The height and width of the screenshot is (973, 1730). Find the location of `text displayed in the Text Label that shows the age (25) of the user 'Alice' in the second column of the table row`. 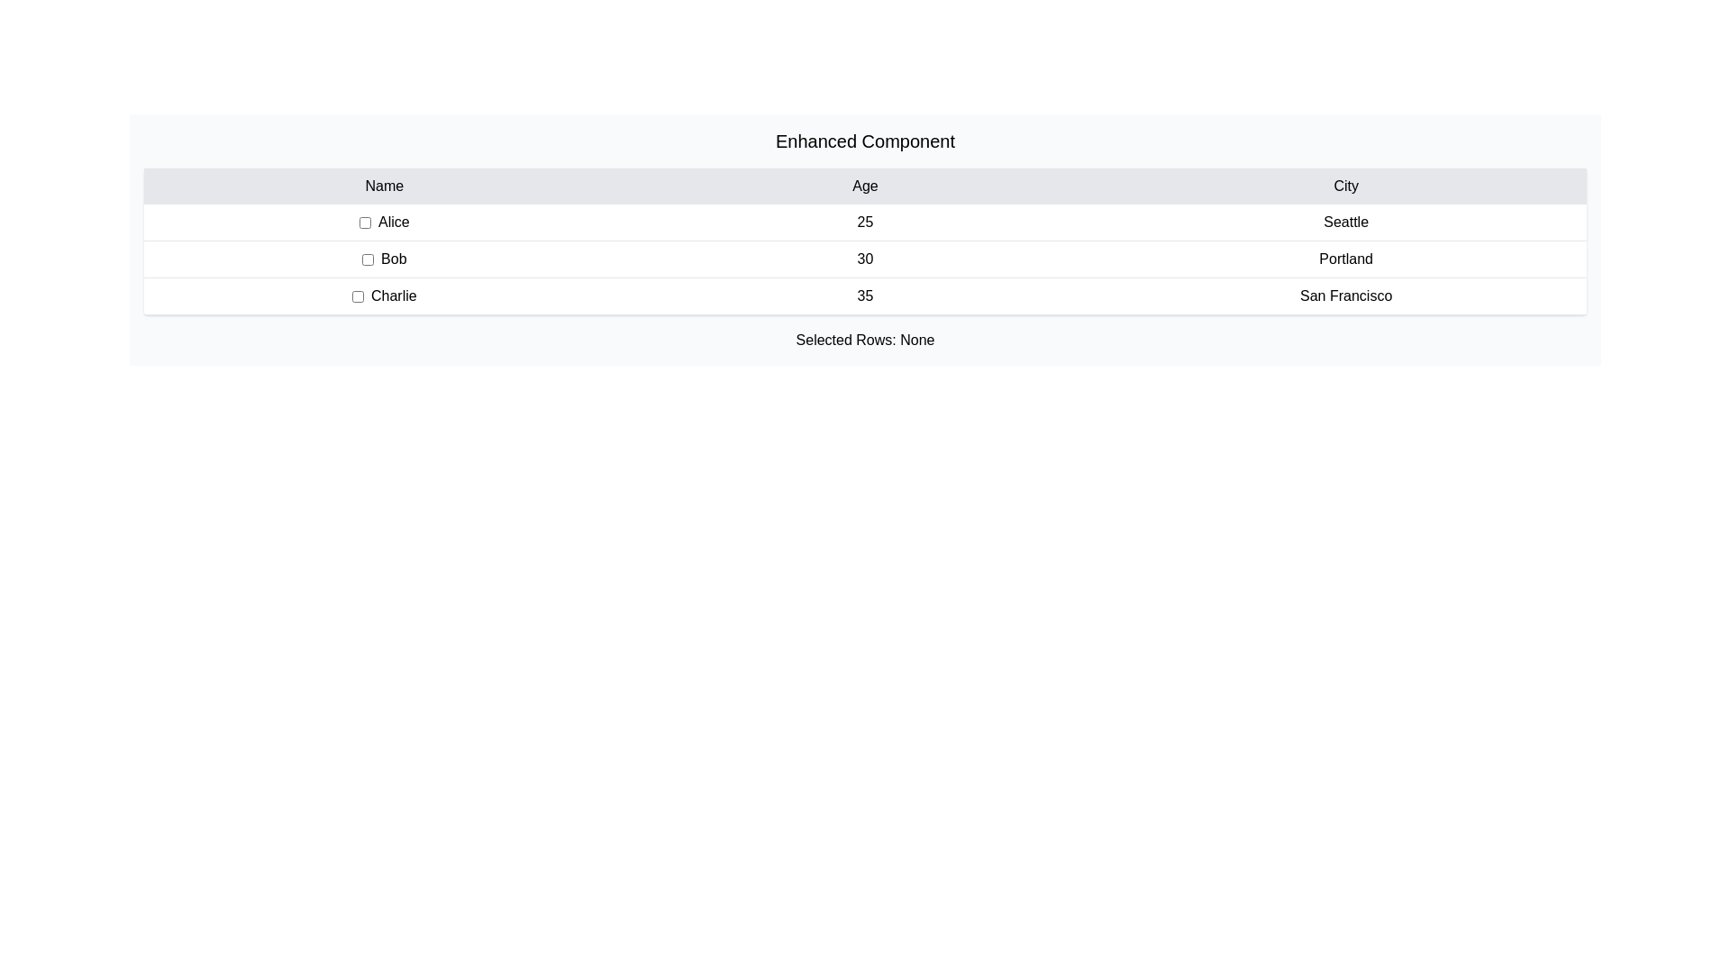

text displayed in the Text Label that shows the age (25) of the user 'Alice' in the second column of the table row is located at coordinates (865, 221).